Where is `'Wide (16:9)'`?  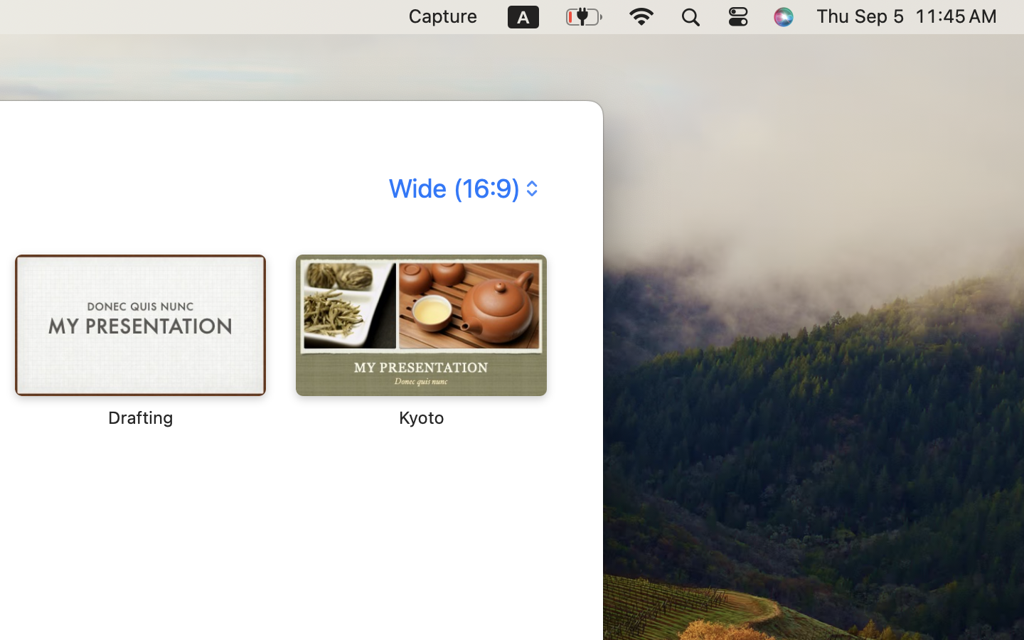 'Wide (16:9)' is located at coordinates (461, 187).